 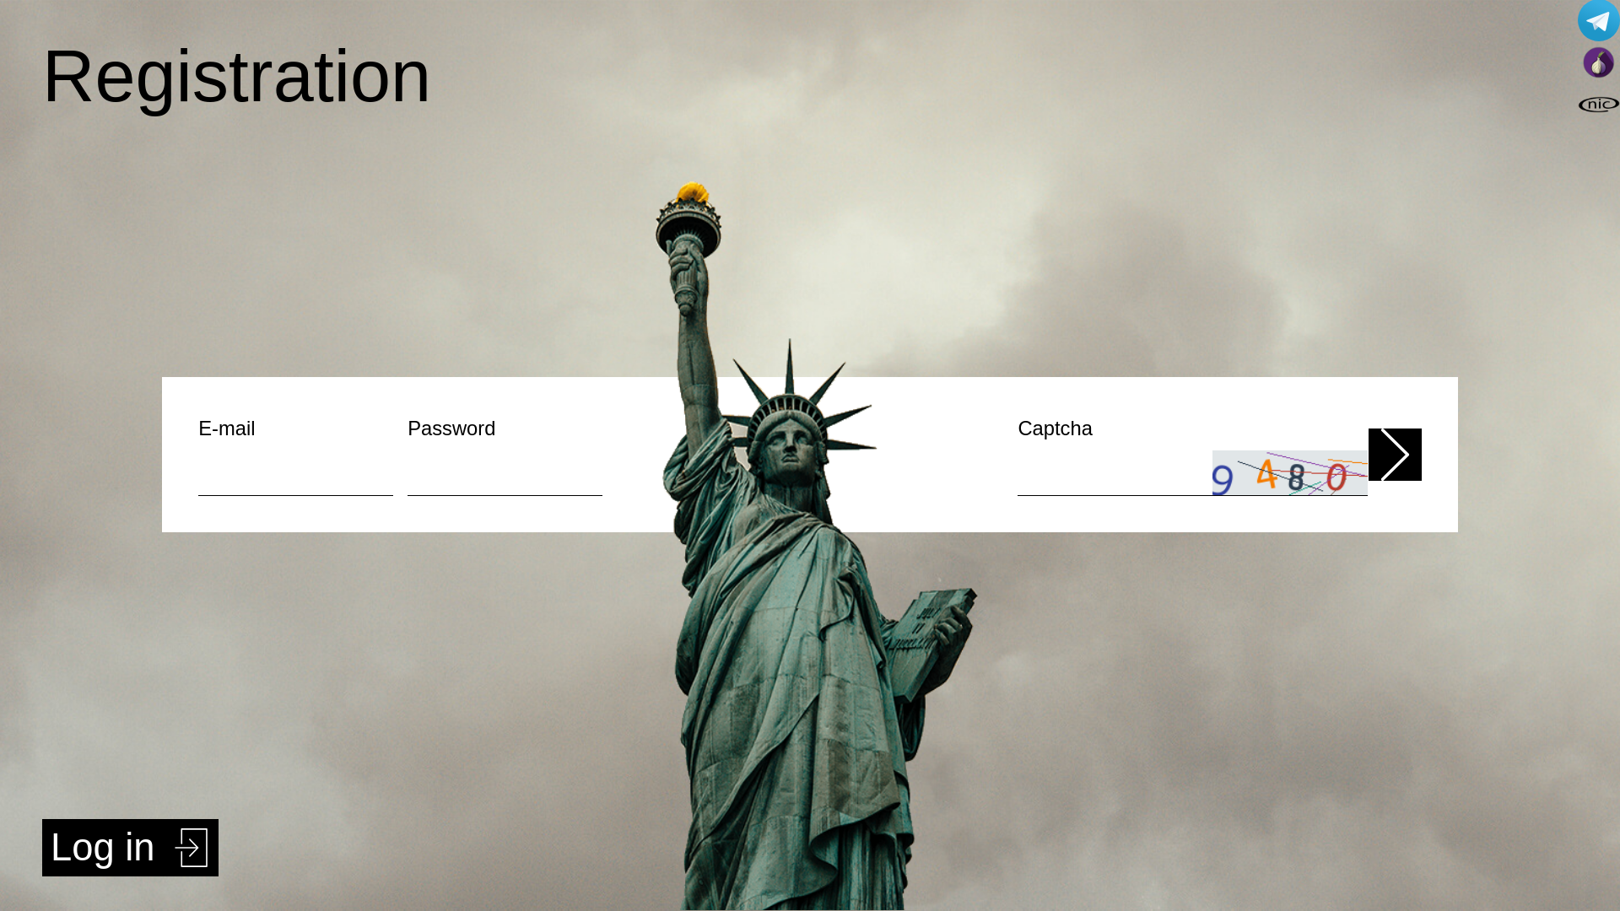 I want to click on 'Log in', so click(x=129, y=848).